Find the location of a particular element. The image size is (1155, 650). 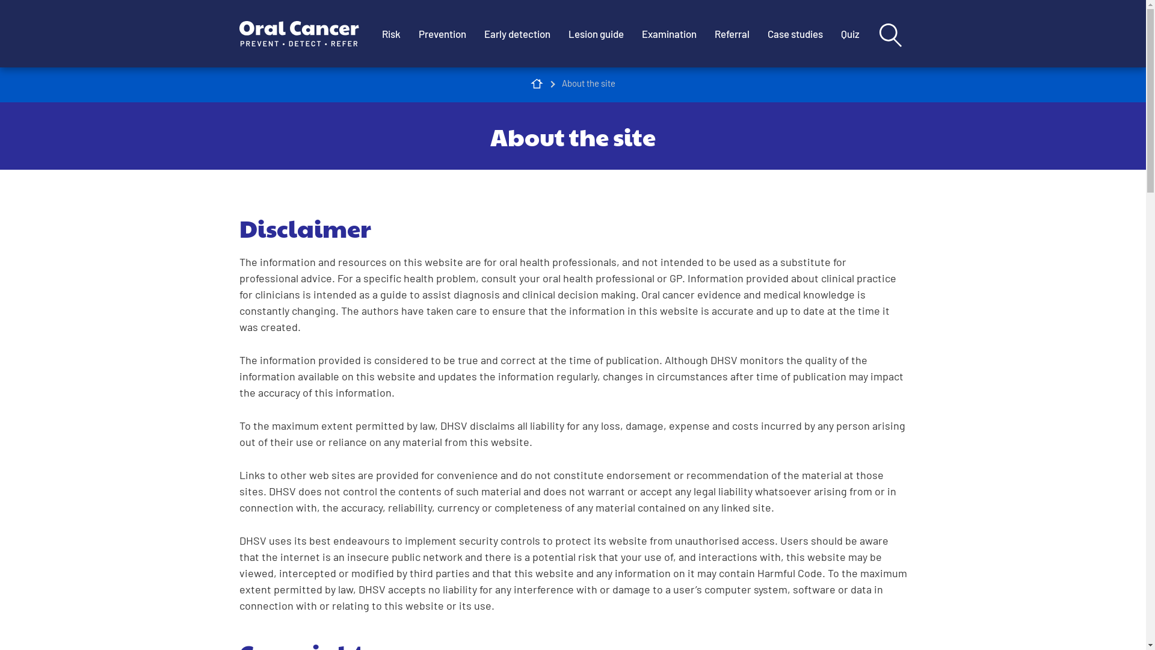

'Early detection' is located at coordinates (517, 33).